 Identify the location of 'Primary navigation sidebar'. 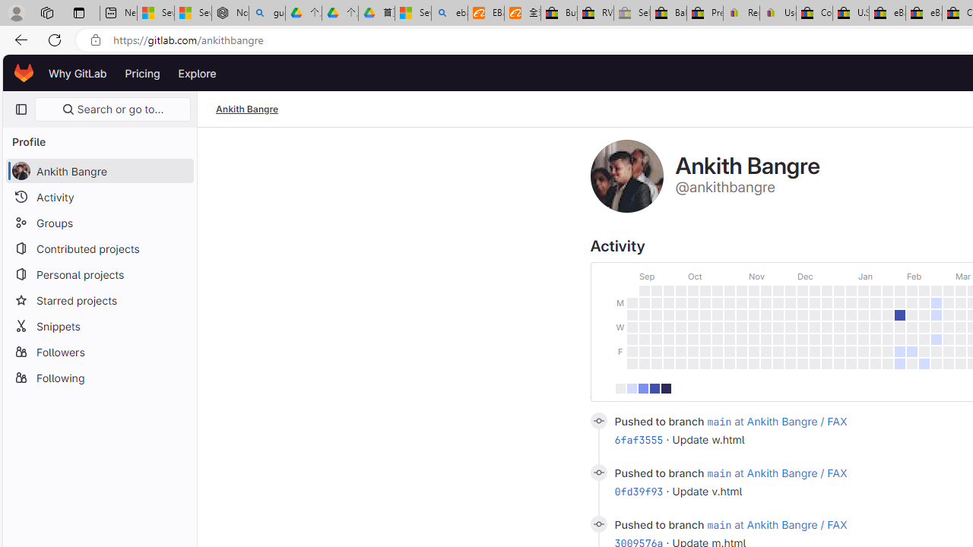
(21, 109).